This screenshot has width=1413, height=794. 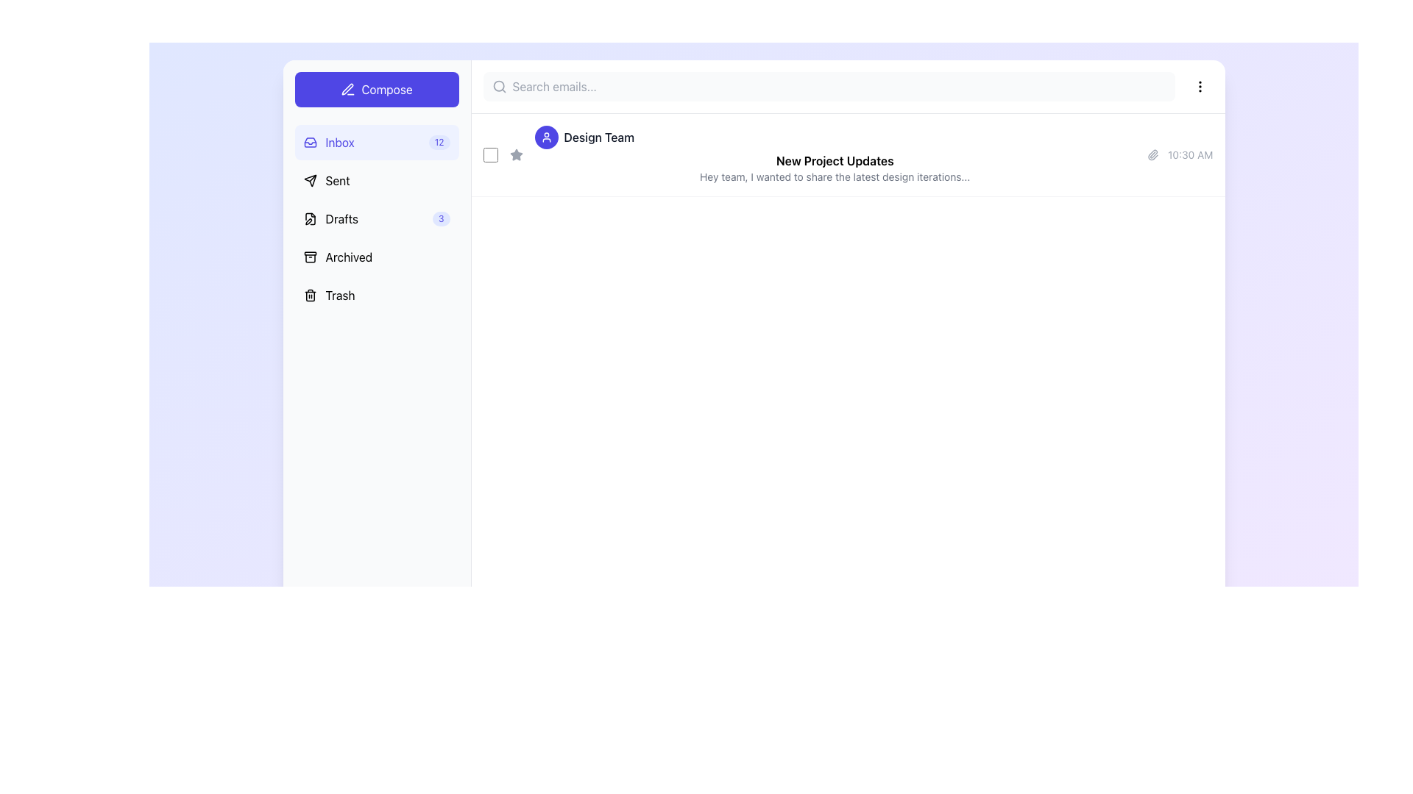 I want to click on the 'Archived' clickable navigation link in the vertical menu using keyboard selection, so click(x=337, y=257).